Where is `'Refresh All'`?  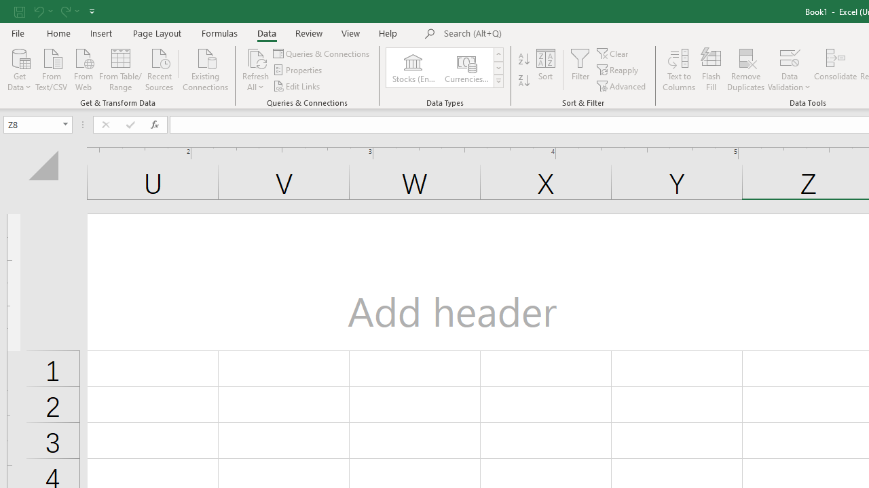 'Refresh All' is located at coordinates (255, 57).